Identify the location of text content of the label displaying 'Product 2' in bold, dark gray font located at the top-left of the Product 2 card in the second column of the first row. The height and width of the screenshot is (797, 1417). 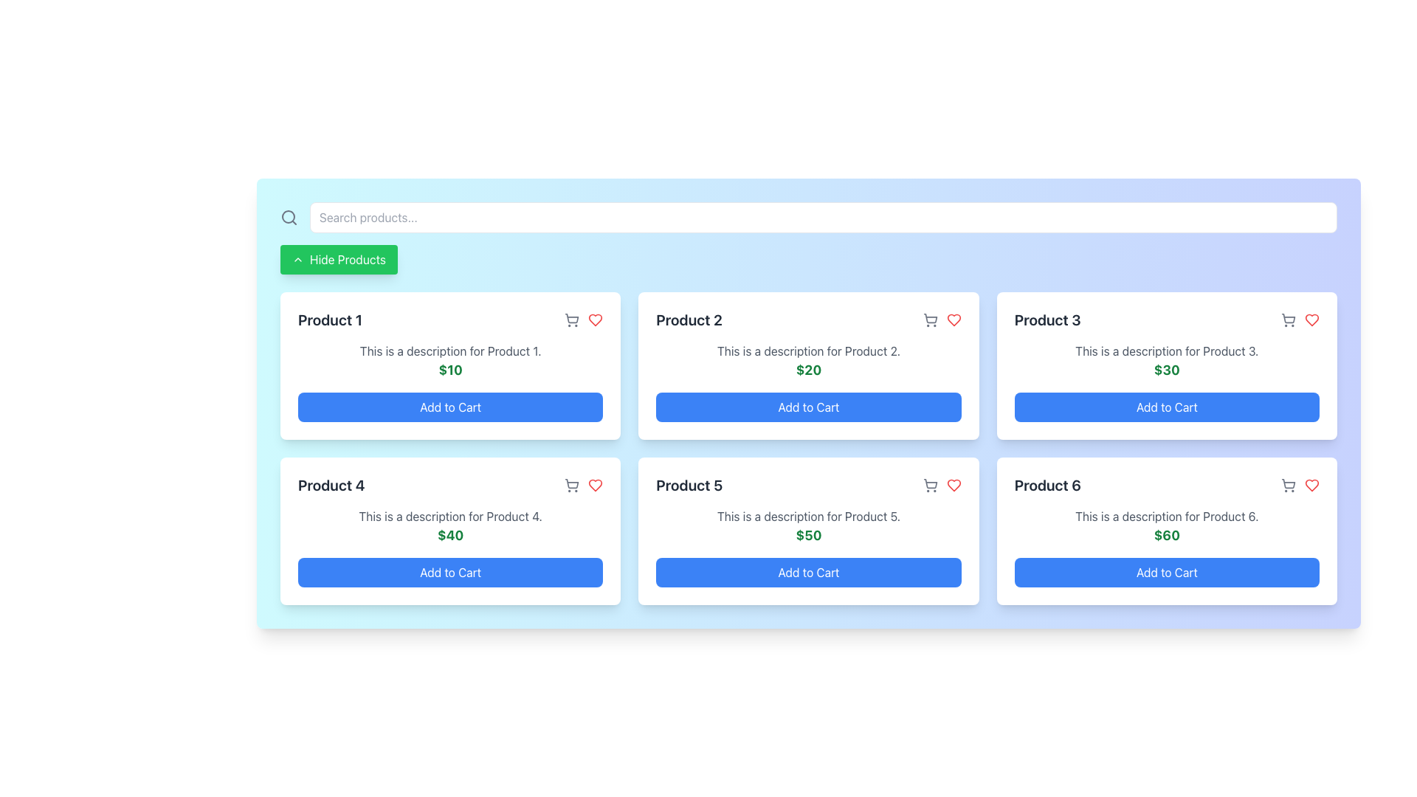
(689, 320).